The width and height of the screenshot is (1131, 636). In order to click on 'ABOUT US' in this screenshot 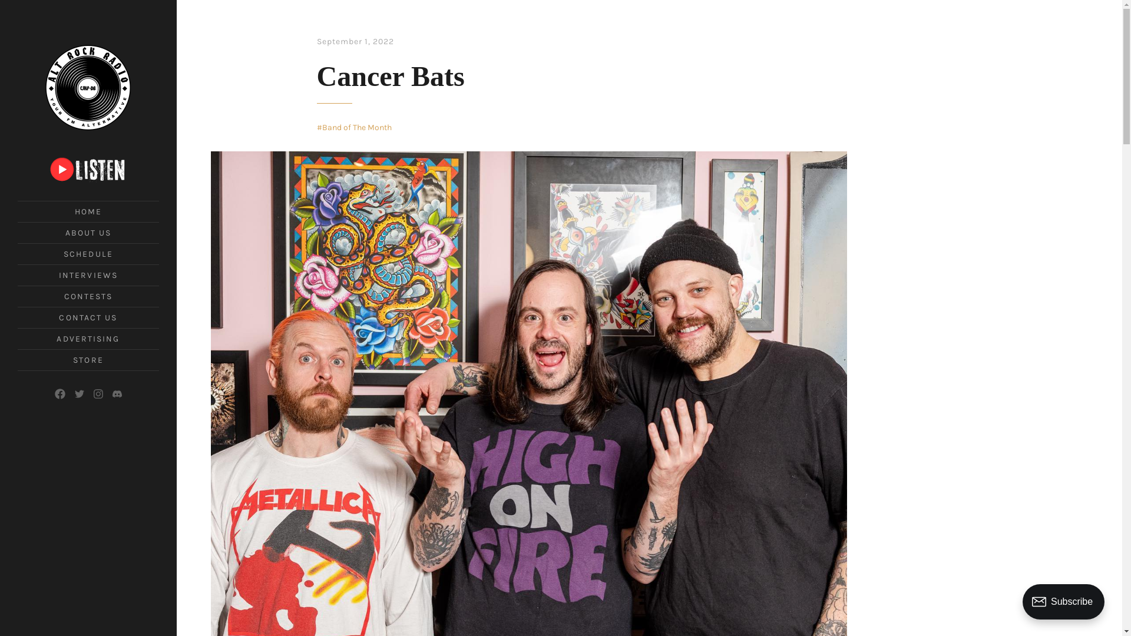, I will do `click(64, 233)`.